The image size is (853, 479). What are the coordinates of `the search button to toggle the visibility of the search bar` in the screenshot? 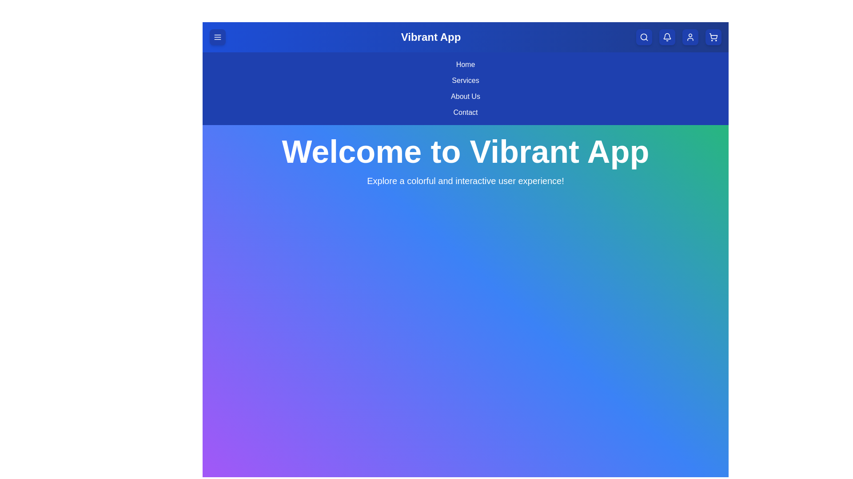 It's located at (644, 37).